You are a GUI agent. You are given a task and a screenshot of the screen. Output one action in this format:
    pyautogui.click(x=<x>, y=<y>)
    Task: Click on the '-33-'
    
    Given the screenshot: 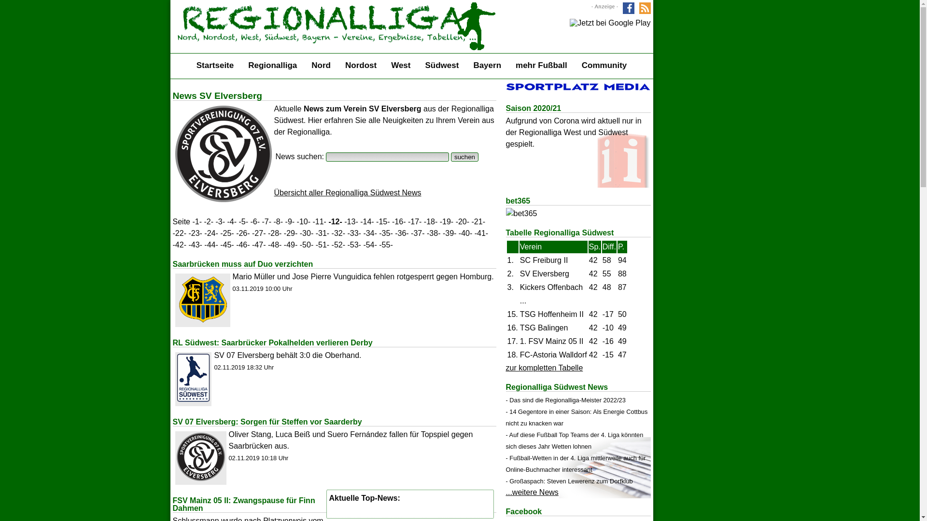 What is the action you would take?
    pyautogui.click(x=347, y=233)
    